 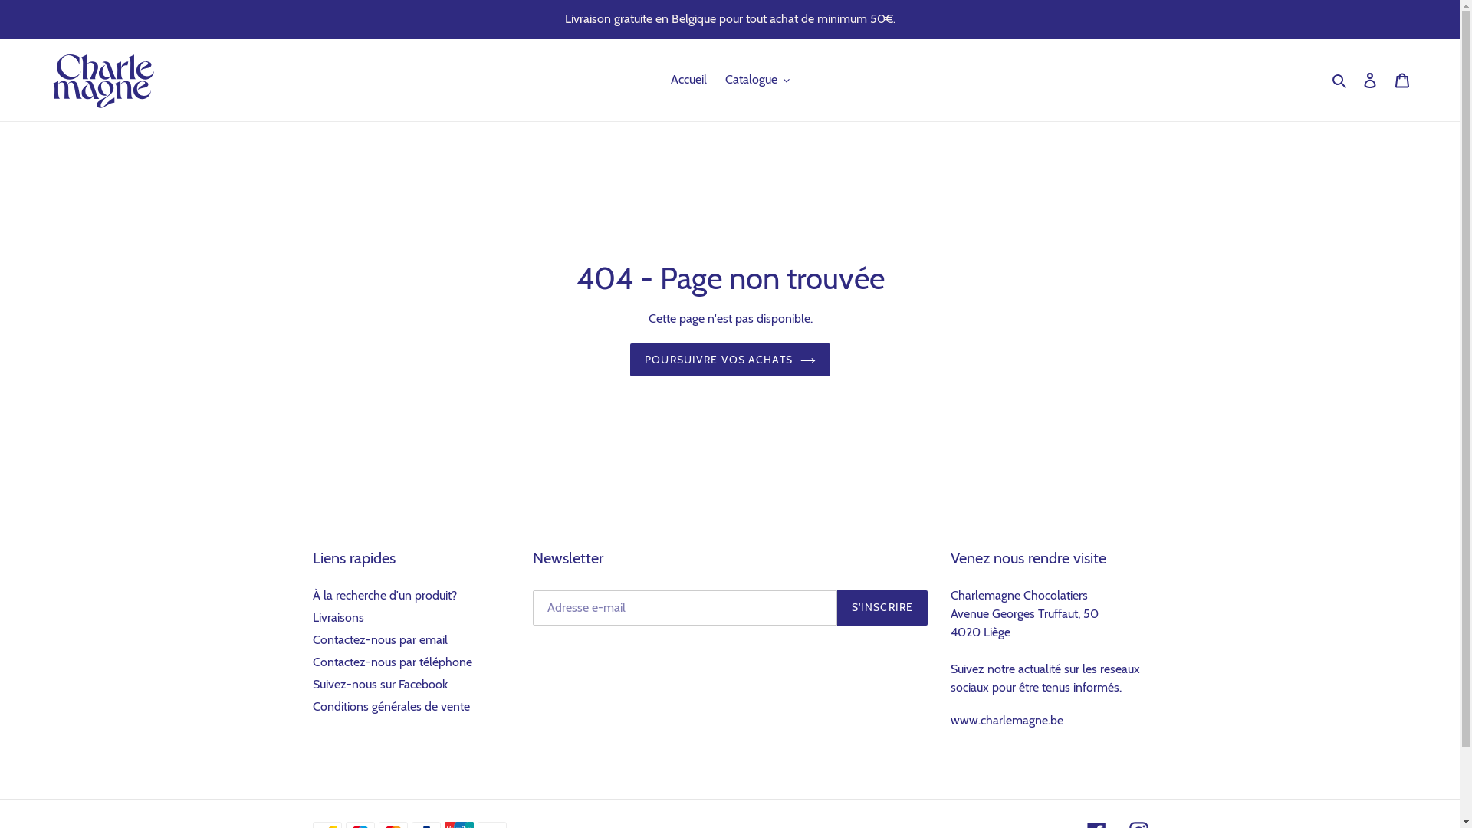 I want to click on 'Panier', so click(x=1401, y=80).